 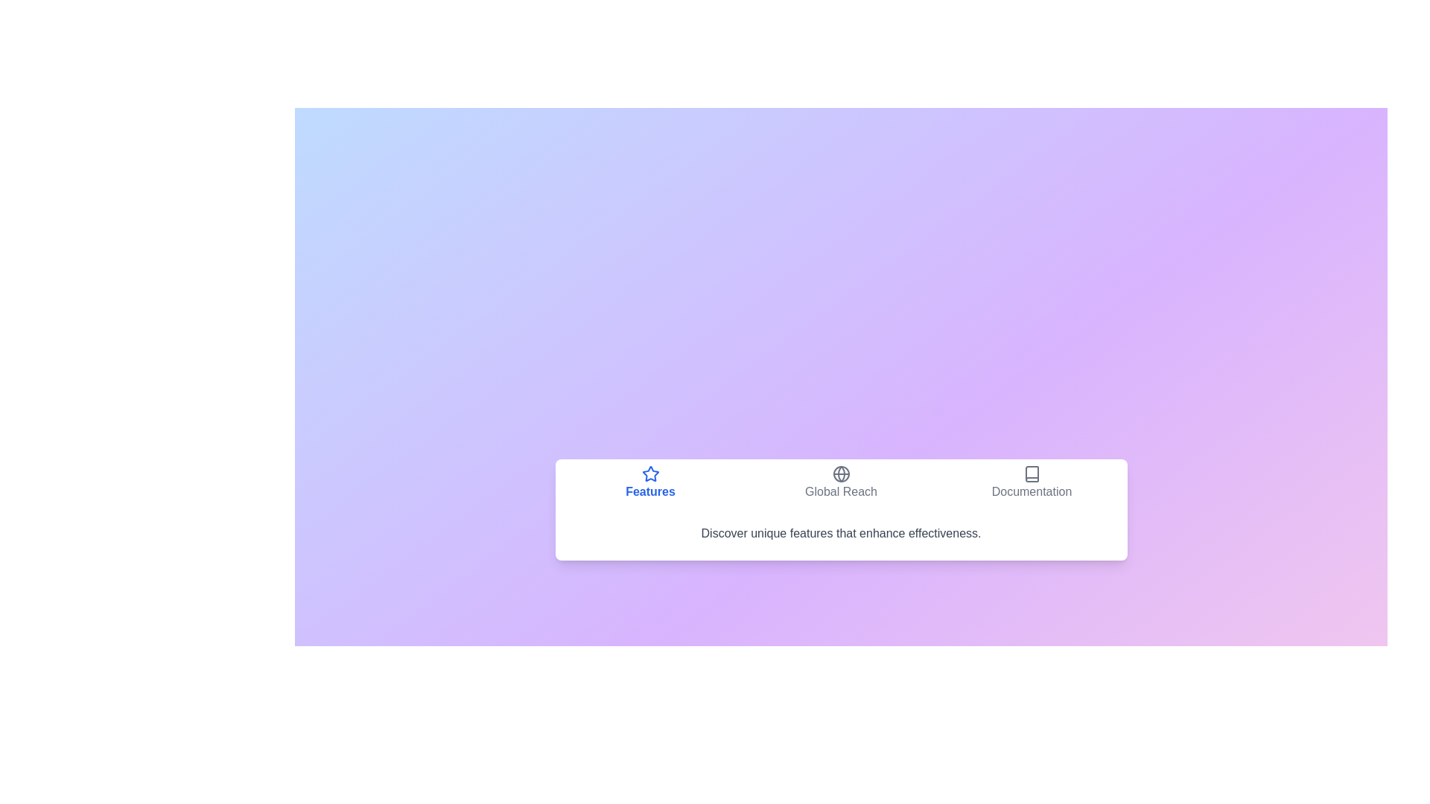 I want to click on the tab button labeled Features to observe the hover effect, so click(x=650, y=482).